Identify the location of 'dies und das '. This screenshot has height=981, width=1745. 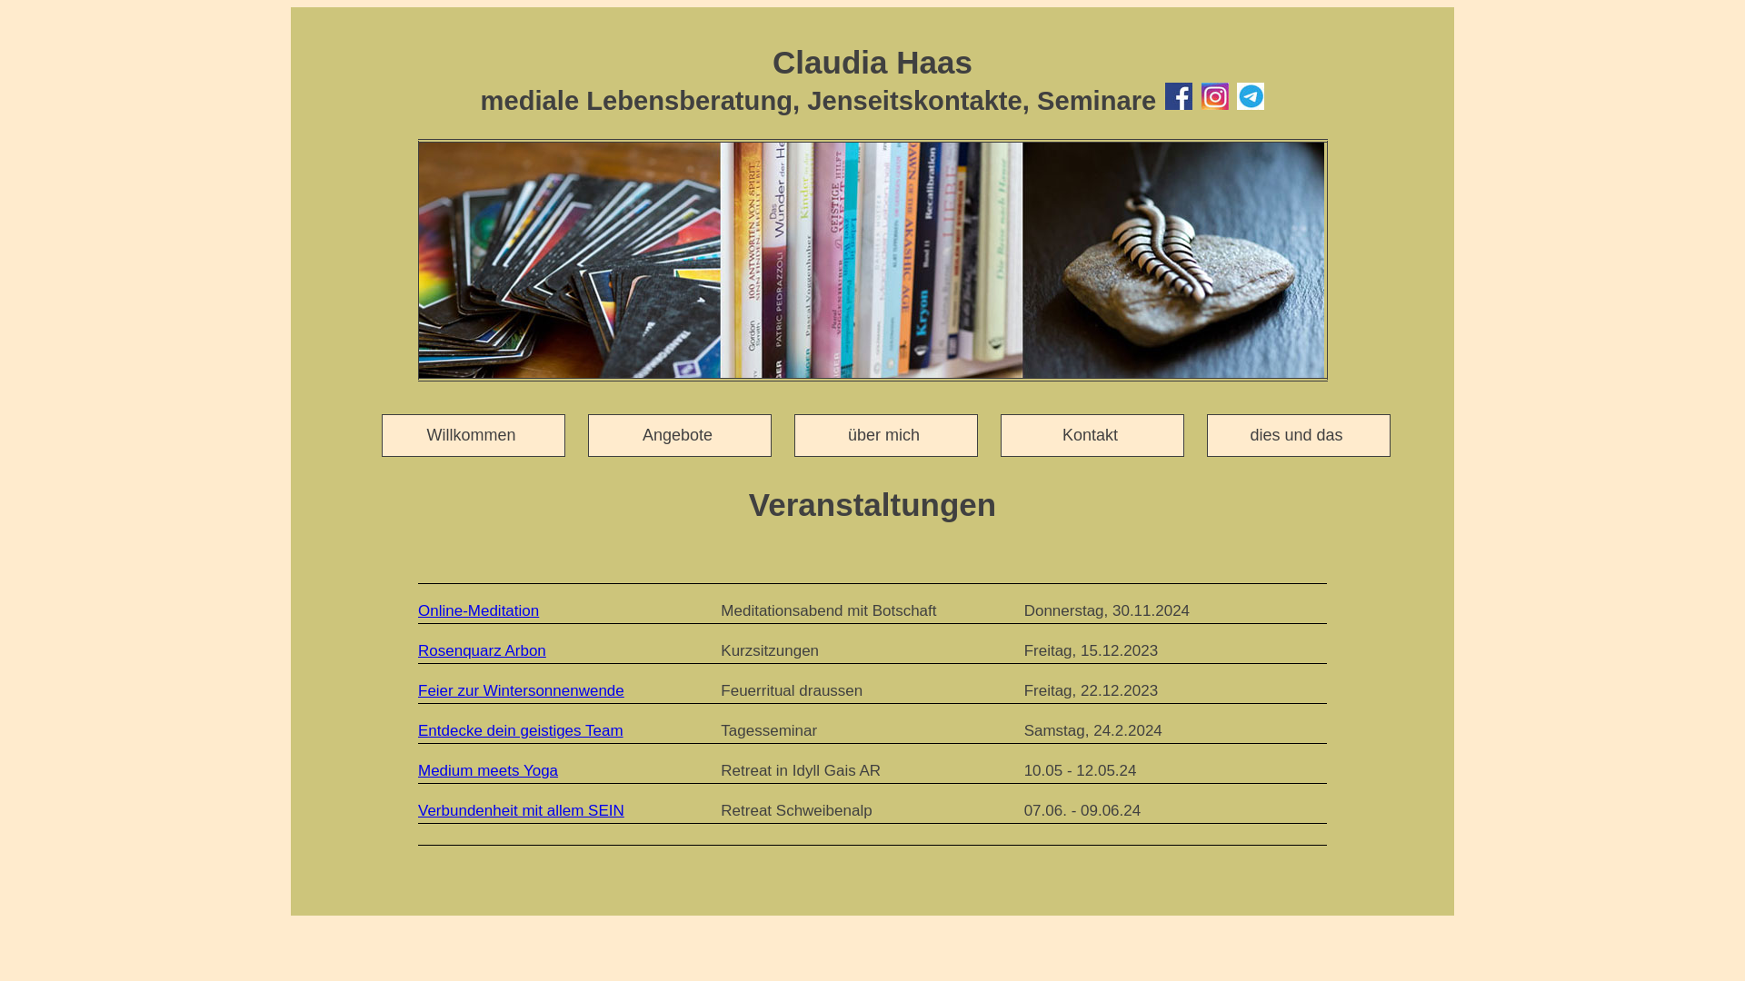
(1298, 435).